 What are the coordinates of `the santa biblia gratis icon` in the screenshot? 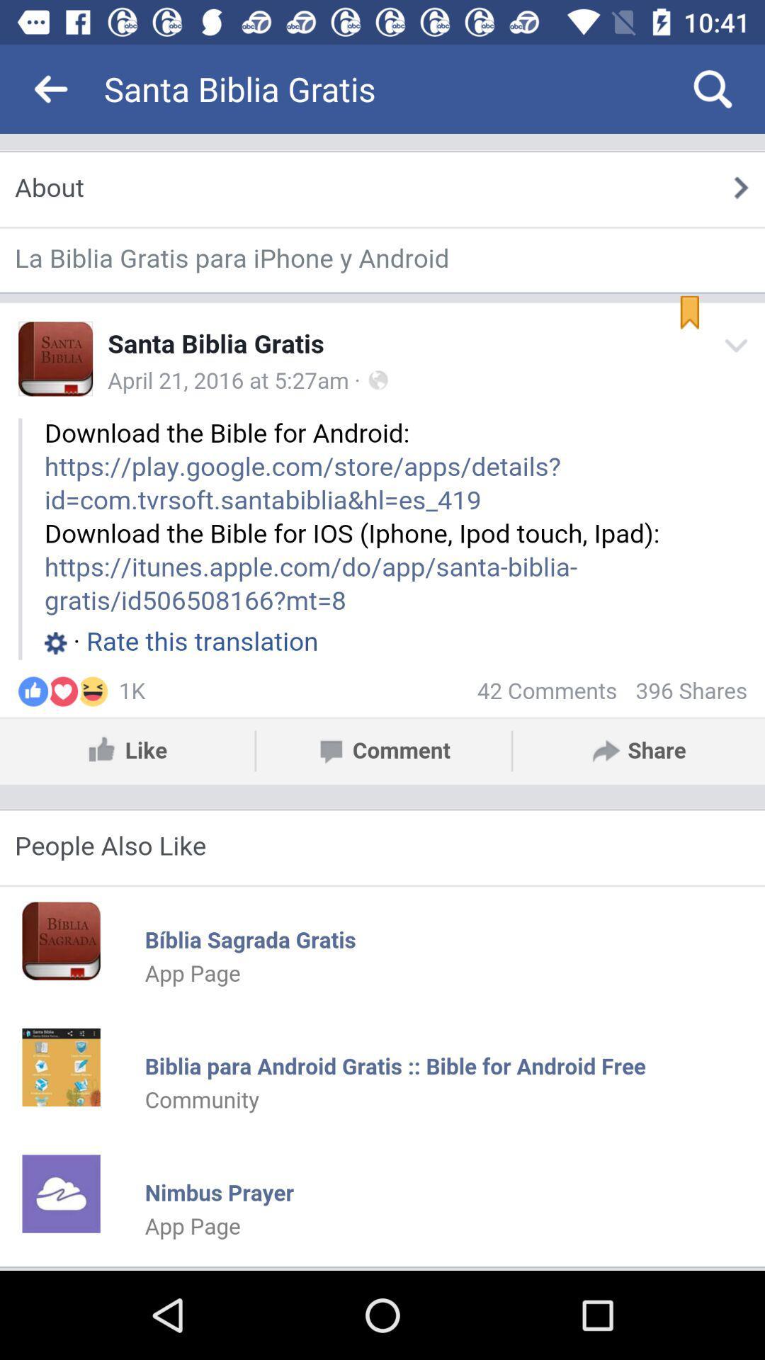 It's located at (367, 88).